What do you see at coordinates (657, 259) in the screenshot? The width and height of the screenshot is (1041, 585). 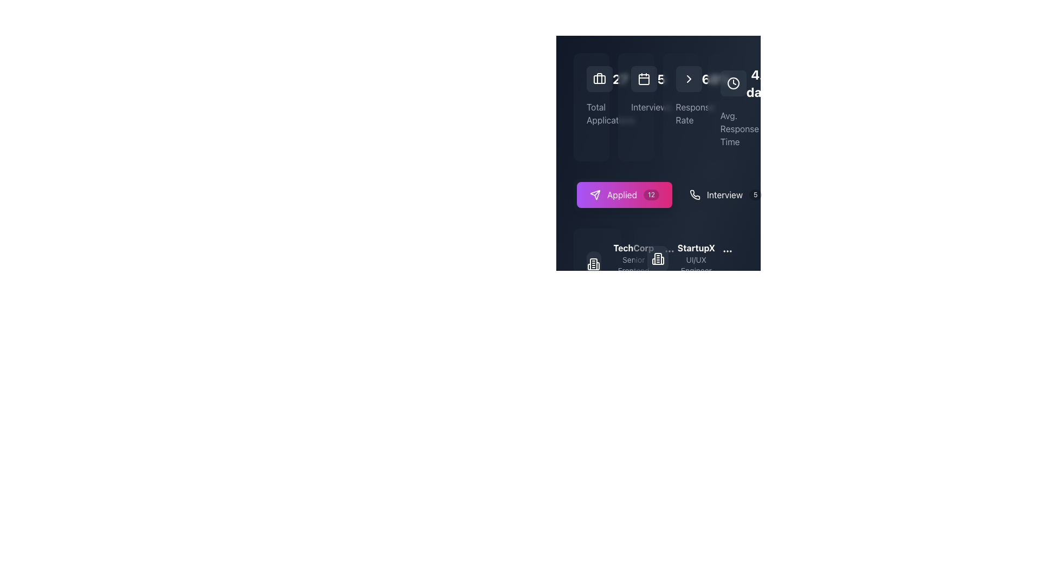 I see `the graphical vector element that represents a segment of a building in the SVG icon with class 'lucide lucide-building2 w-6 h-6'` at bounding box center [657, 259].